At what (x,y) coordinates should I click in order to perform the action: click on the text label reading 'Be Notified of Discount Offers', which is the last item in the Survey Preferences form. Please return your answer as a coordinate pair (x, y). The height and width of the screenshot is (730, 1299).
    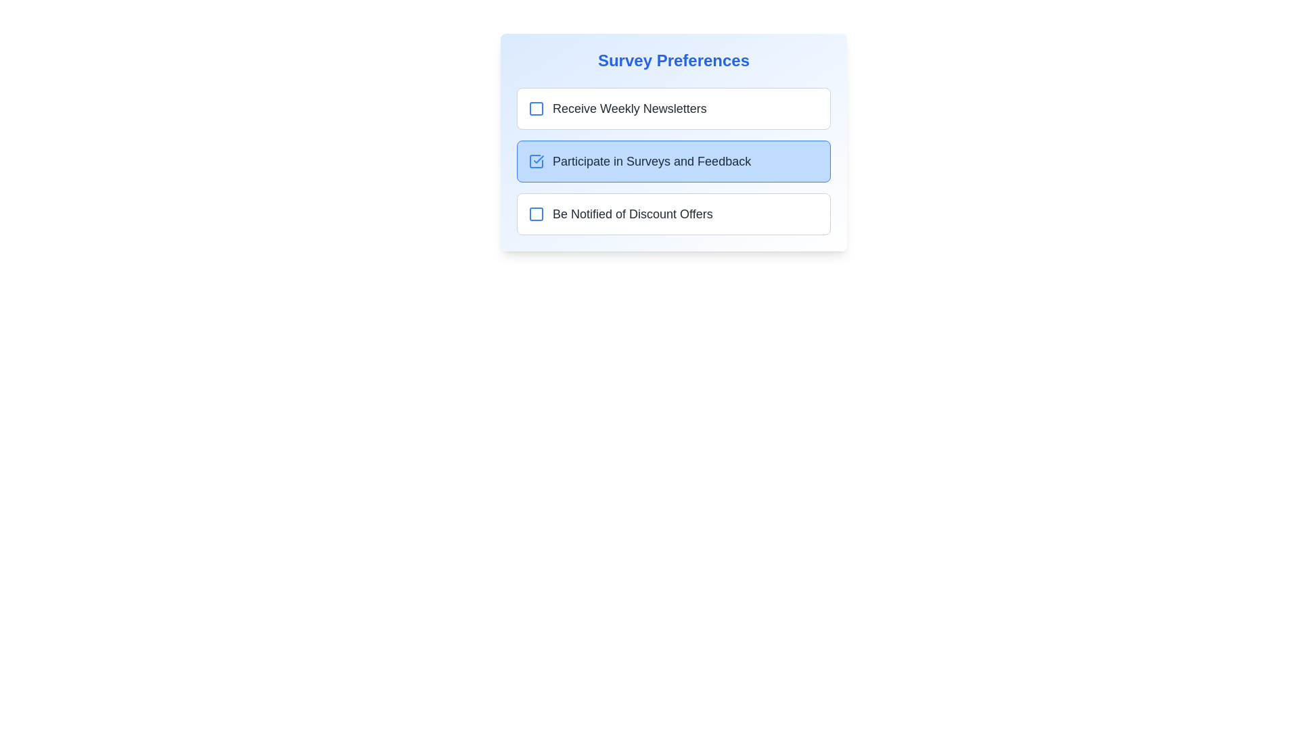
    Looking at the image, I should click on (632, 213).